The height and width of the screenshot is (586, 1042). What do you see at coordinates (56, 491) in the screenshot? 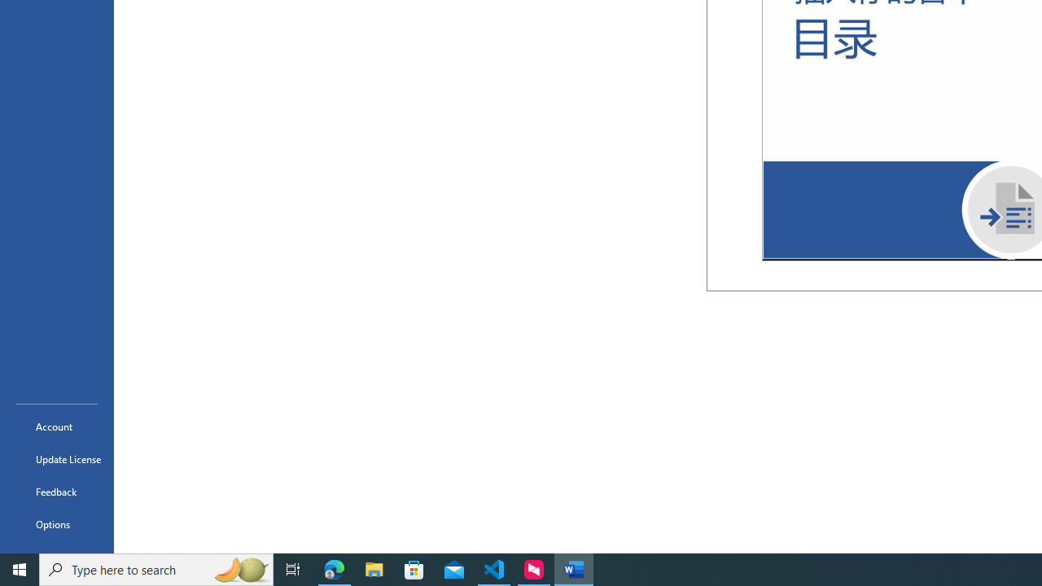
I see `'Feedback'` at bounding box center [56, 491].